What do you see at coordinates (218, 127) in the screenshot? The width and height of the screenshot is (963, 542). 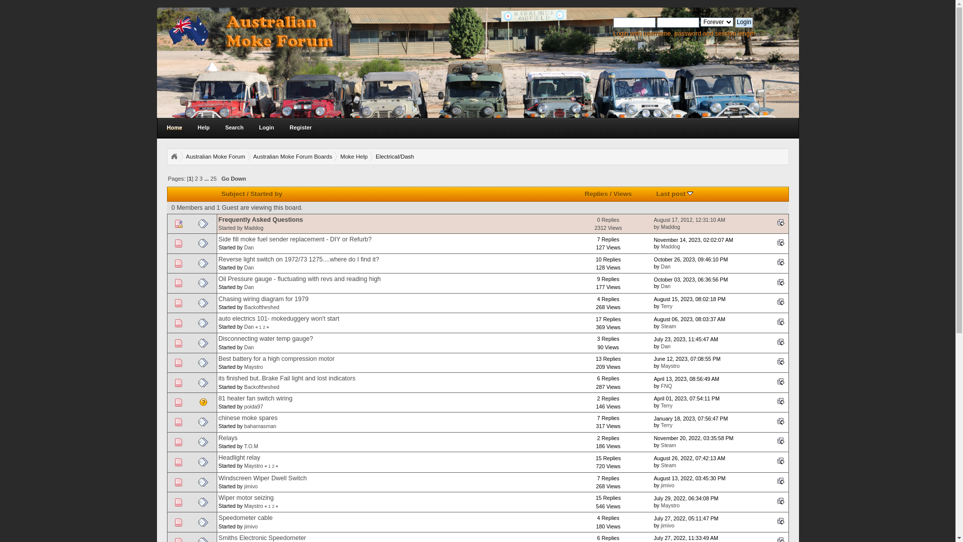 I see `'Search'` at bounding box center [218, 127].